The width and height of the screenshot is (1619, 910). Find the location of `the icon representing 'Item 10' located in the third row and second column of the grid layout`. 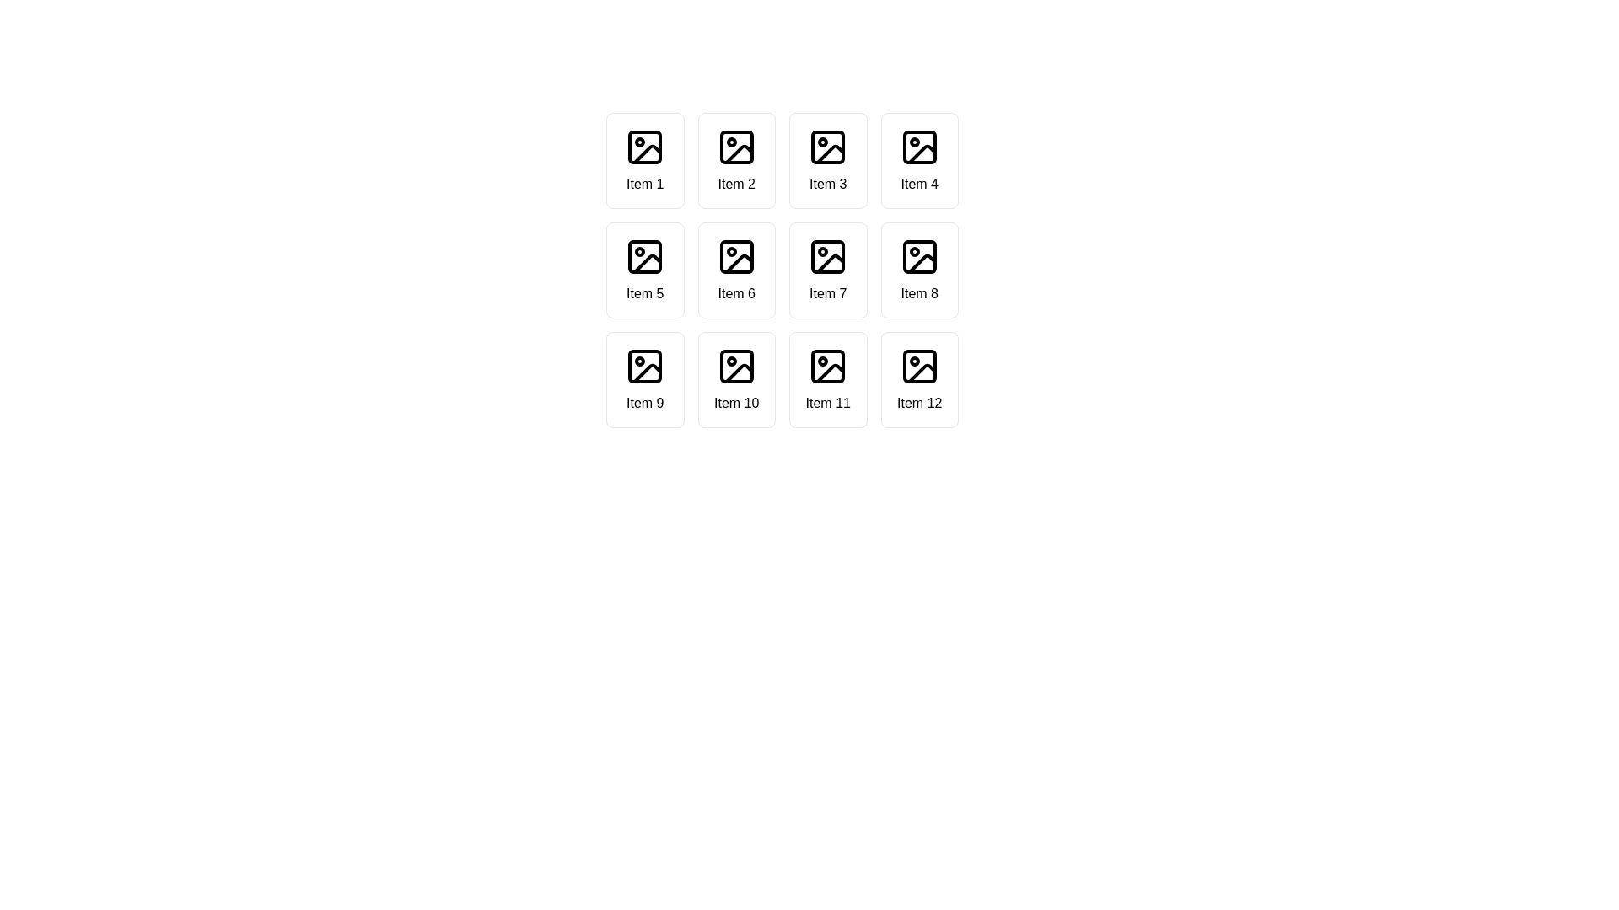

the icon representing 'Item 10' located in the third row and second column of the grid layout is located at coordinates (736, 366).